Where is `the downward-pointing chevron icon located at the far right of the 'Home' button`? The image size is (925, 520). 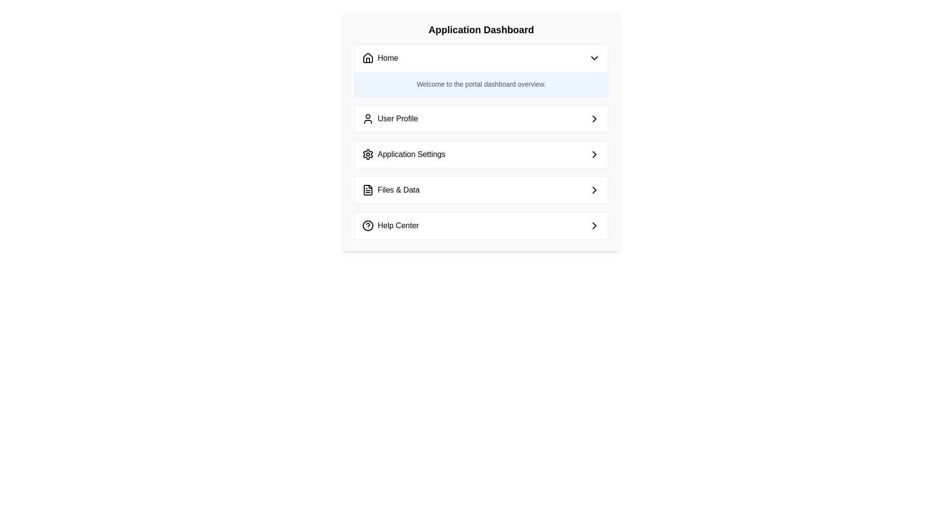
the downward-pointing chevron icon located at the far right of the 'Home' button is located at coordinates (594, 58).